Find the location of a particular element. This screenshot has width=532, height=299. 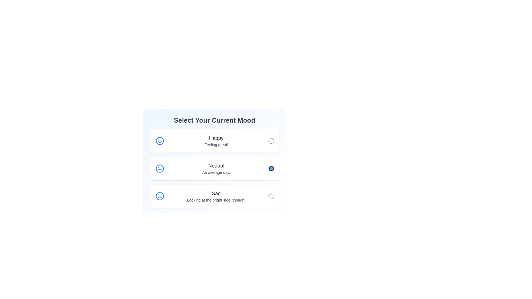

the circular shape in the second mood selection card titled 'Neutral', part of the mood selection interface is located at coordinates (159, 168).